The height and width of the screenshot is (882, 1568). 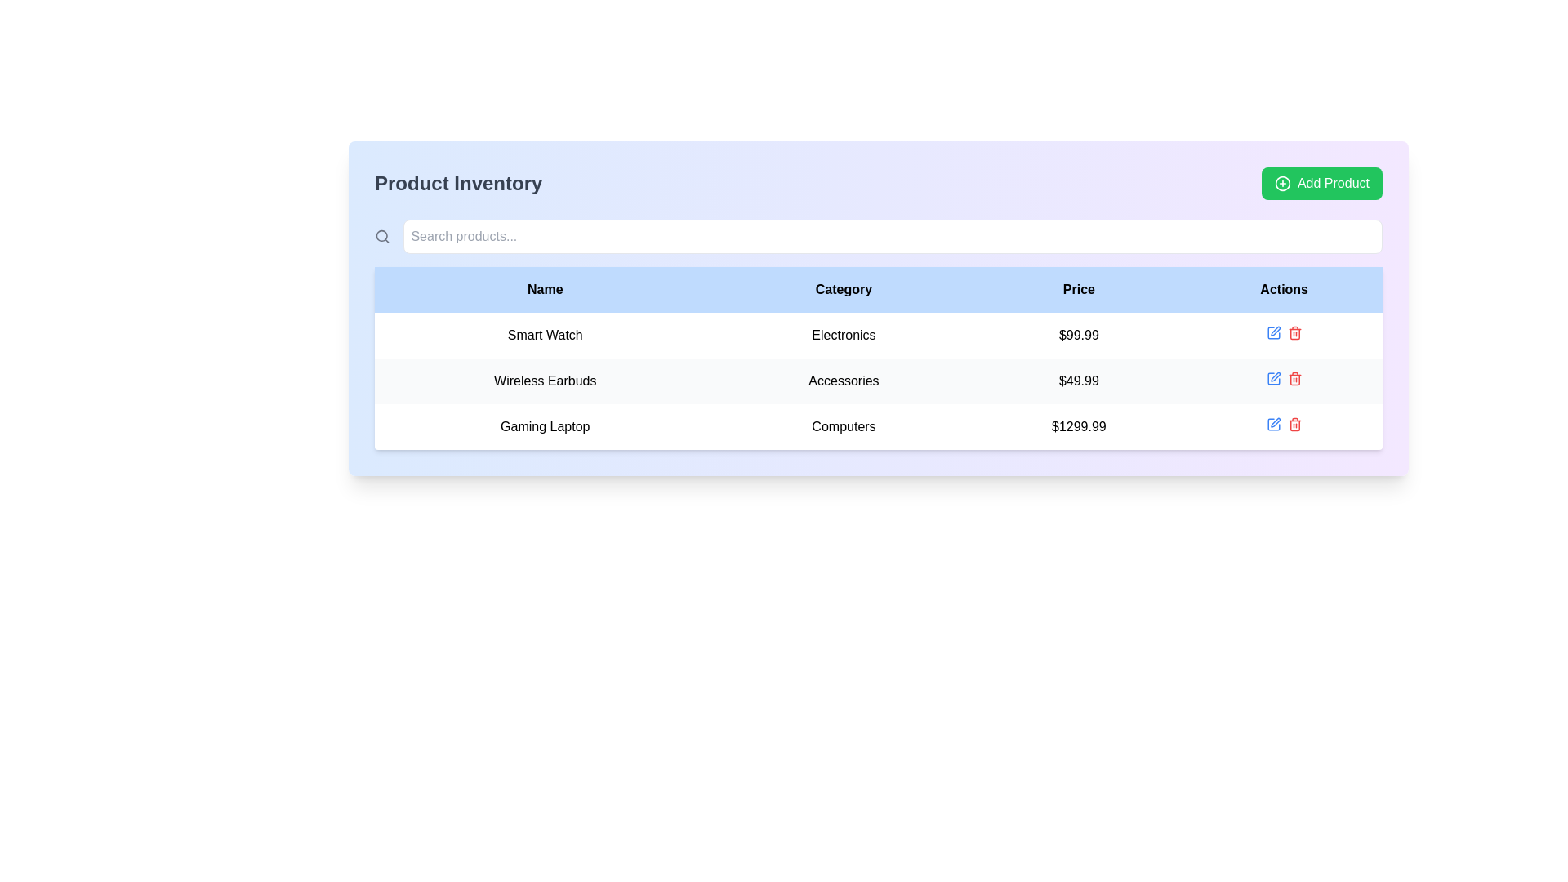 I want to click on the edit function icon located in the 'Actions' column of the row corresponding to 'Wireless Earbuds' to initiate editing, so click(x=1274, y=331).